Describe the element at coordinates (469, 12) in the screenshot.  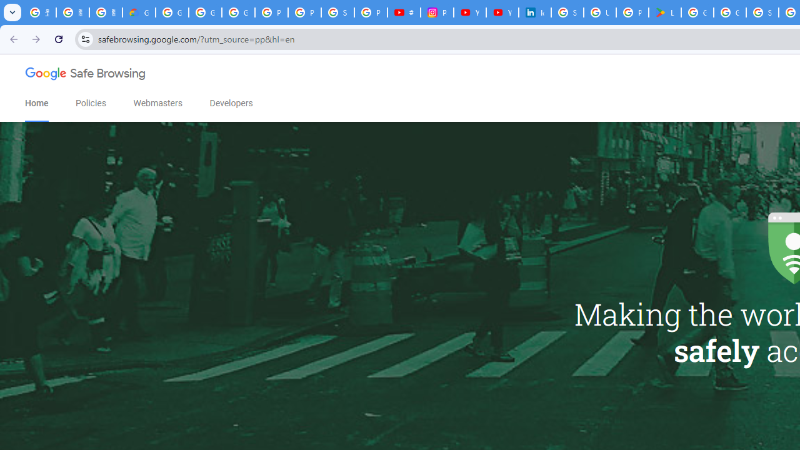
I see `'YouTube Culture & Trends - On The Rise: Handcam Videos'` at that location.